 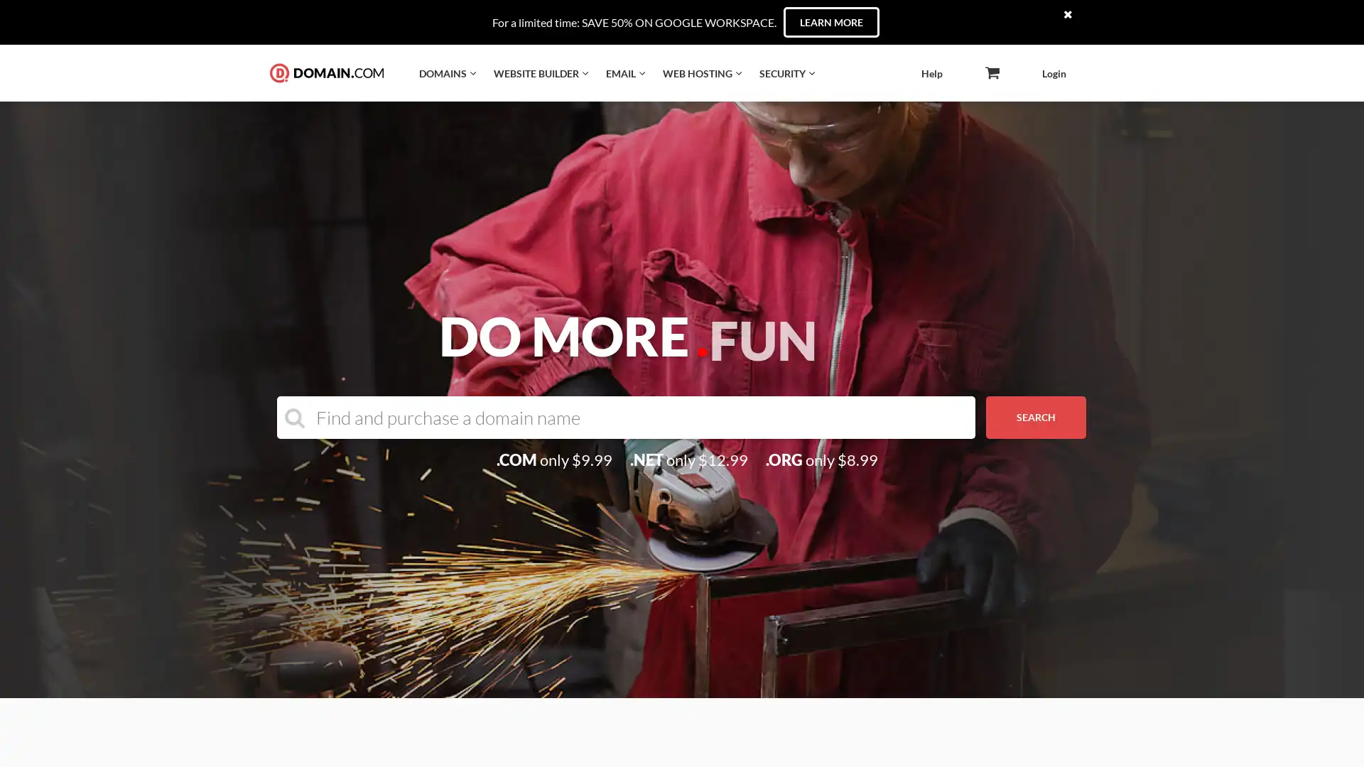 What do you see at coordinates (1340, 695) in the screenshot?
I see `Explore your accessibility options` at bounding box center [1340, 695].